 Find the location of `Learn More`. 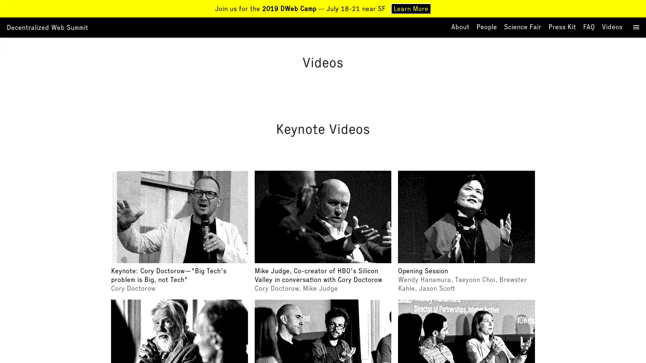

Learn More is located at coordinates (410, 9).